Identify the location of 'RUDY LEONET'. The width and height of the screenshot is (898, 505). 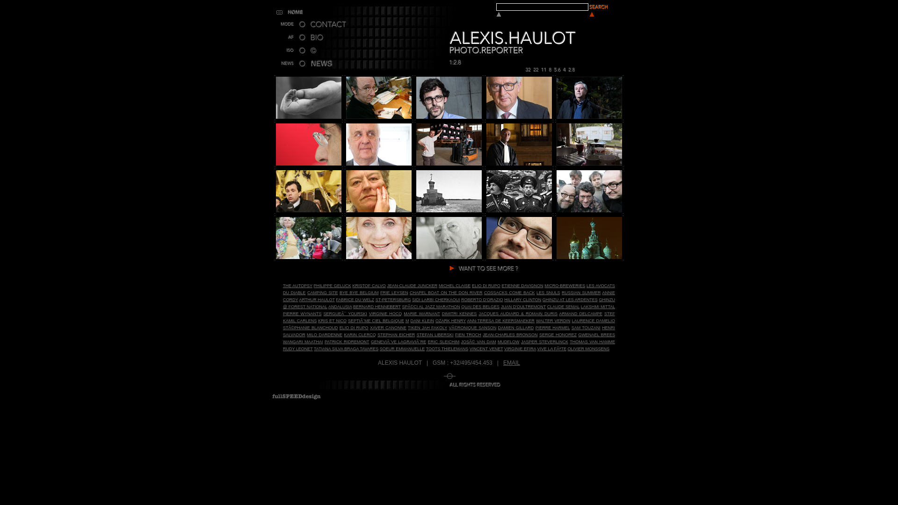
(297, 348).